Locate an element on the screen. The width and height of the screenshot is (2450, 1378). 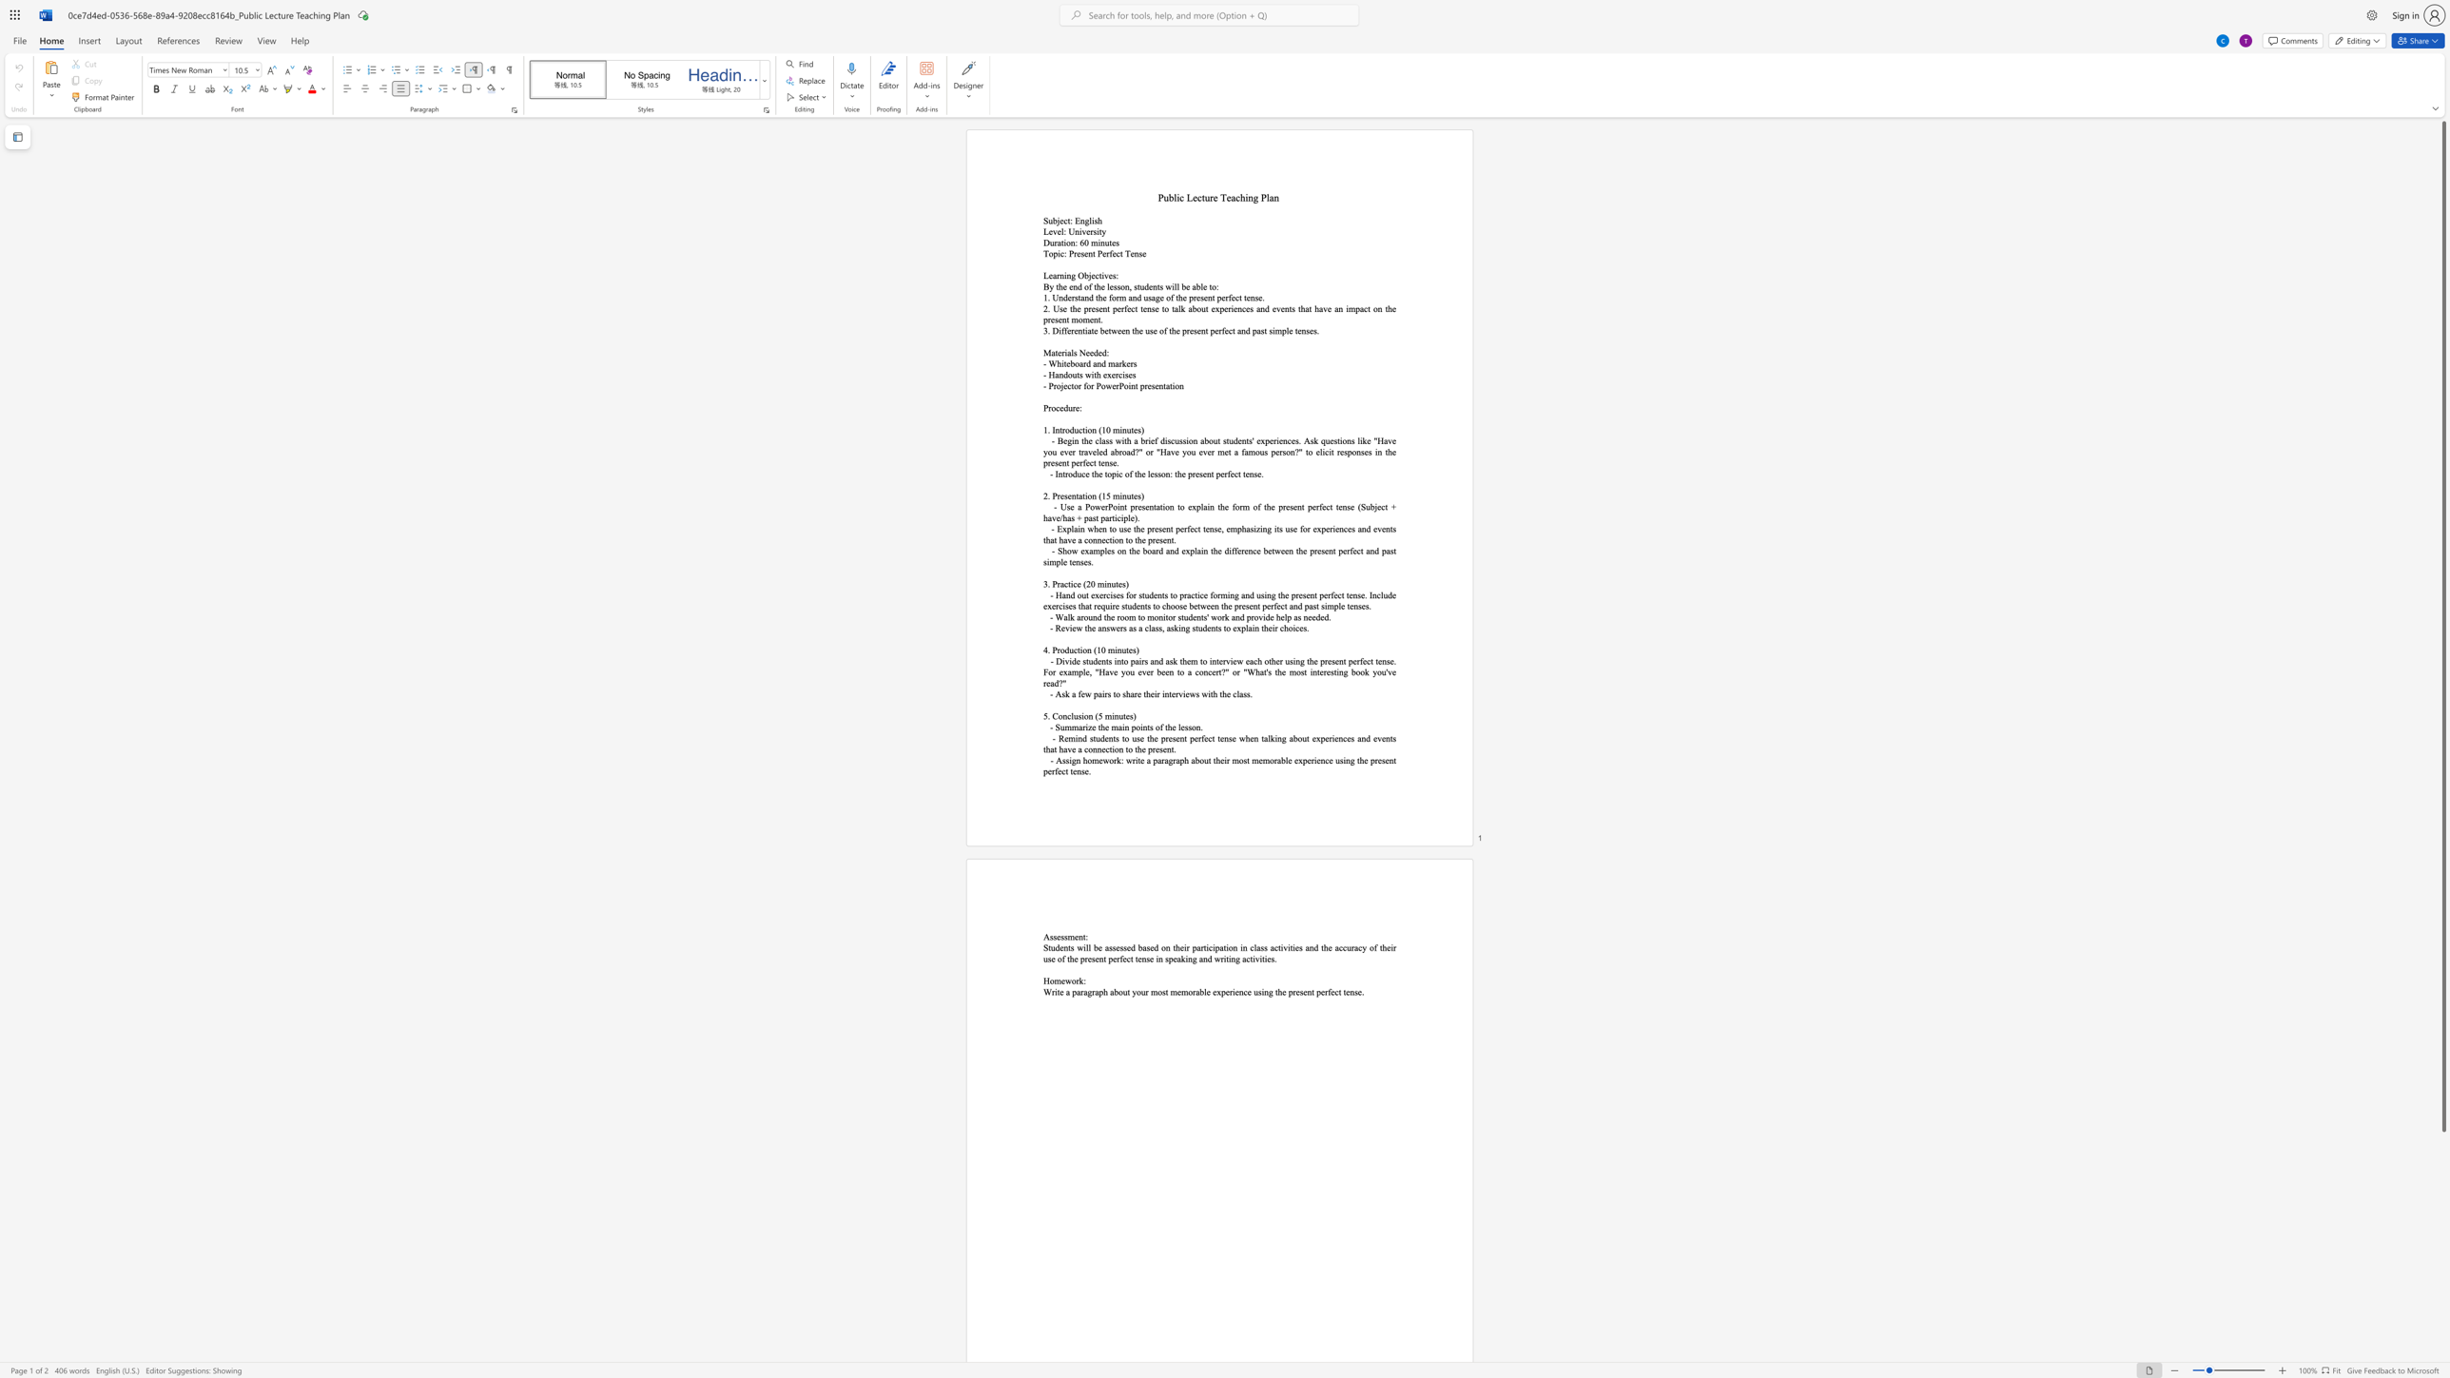
the space between the continuous character "s" and "i" in the text is located at coordinates (1080, 715).